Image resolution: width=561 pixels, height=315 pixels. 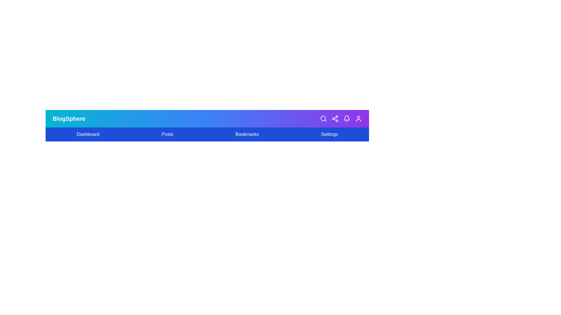 I want to click on the 'Dashboard' menu item to navigate to the dashboard, so click(x=88, y=134).